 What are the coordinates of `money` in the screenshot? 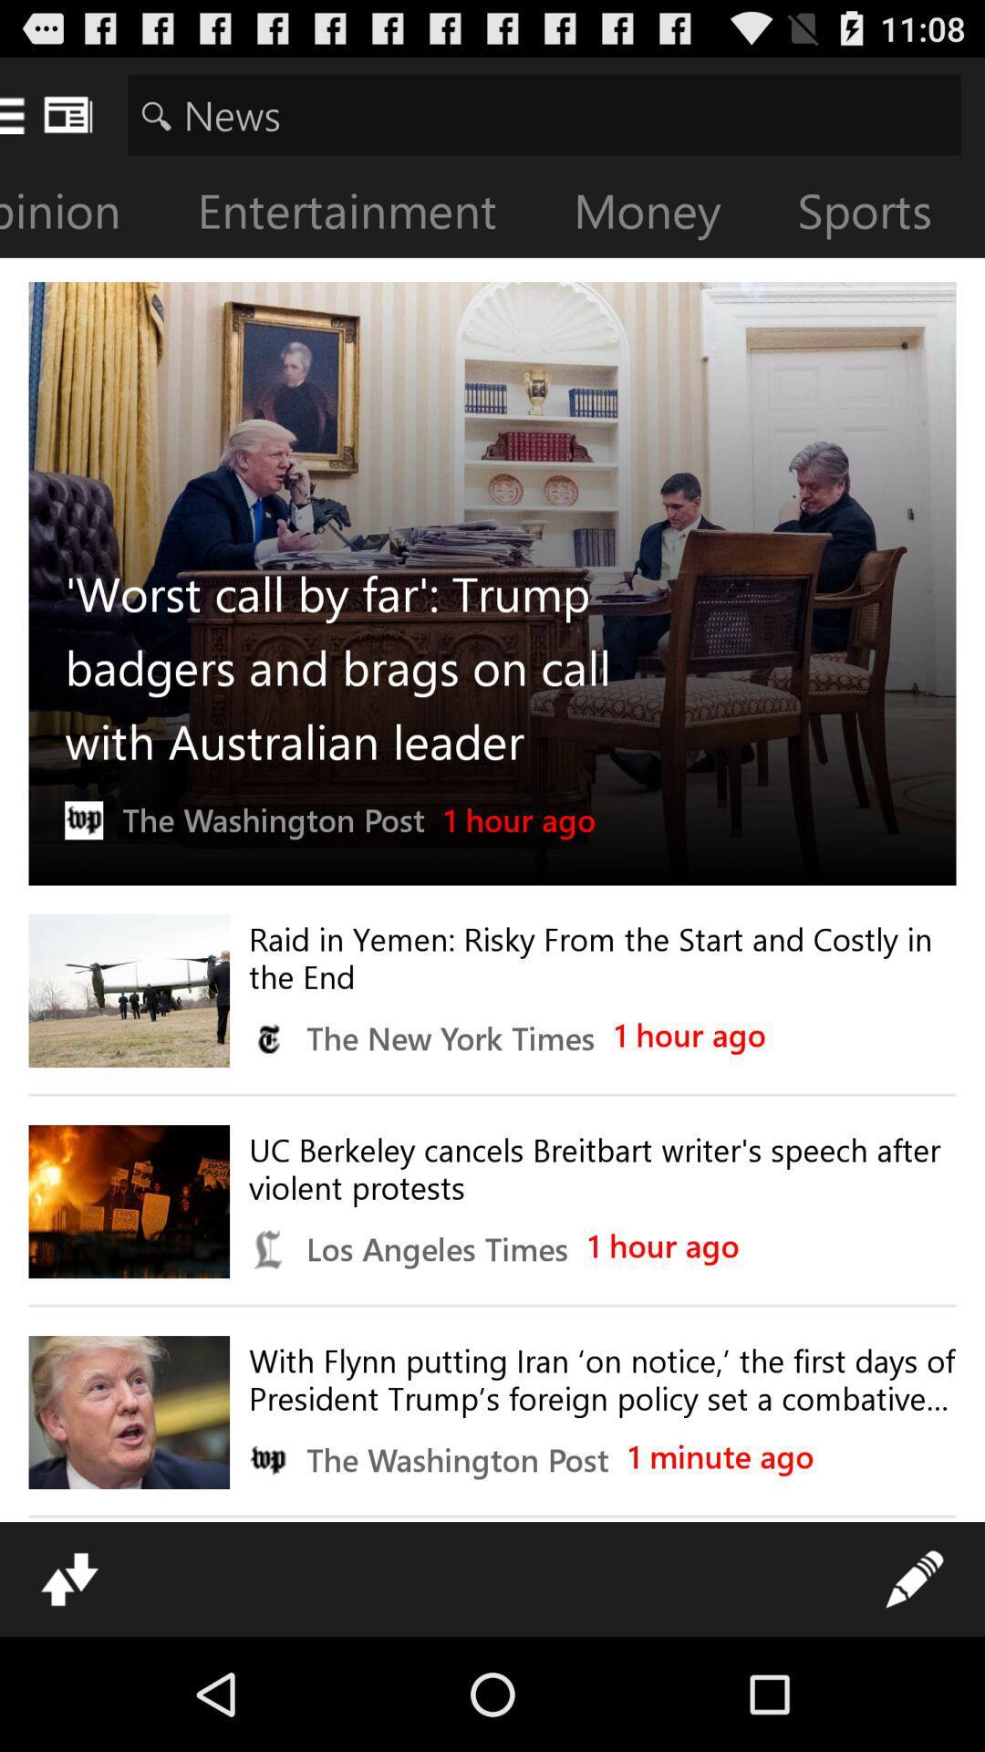 It's located at (661, 214).